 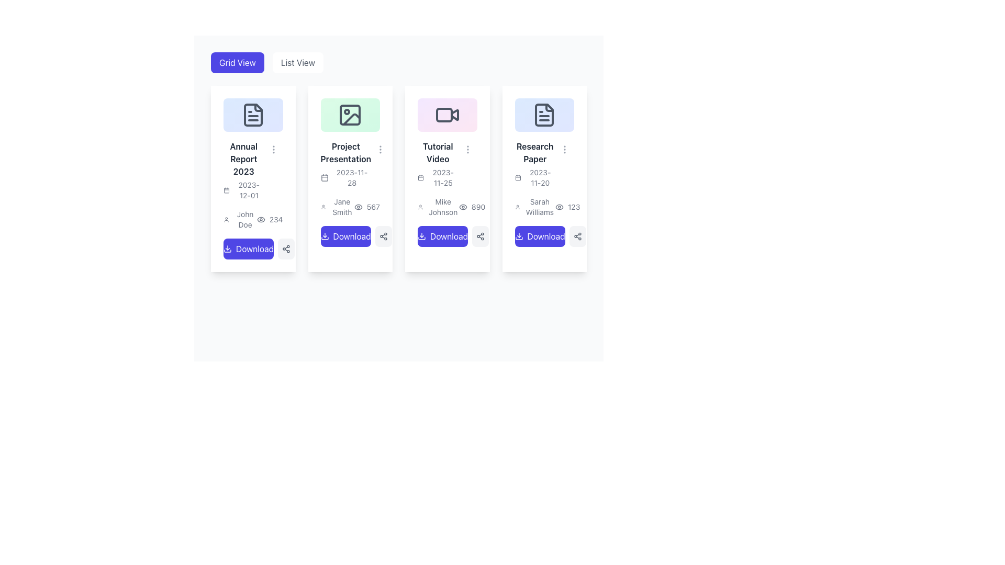 I want to click on the icon representing the file type for the 'Annual Report 2023' card located at the top-center of the leftmost card in a horizontal list of four cards with a light blue background, so click(x=253, y=115).